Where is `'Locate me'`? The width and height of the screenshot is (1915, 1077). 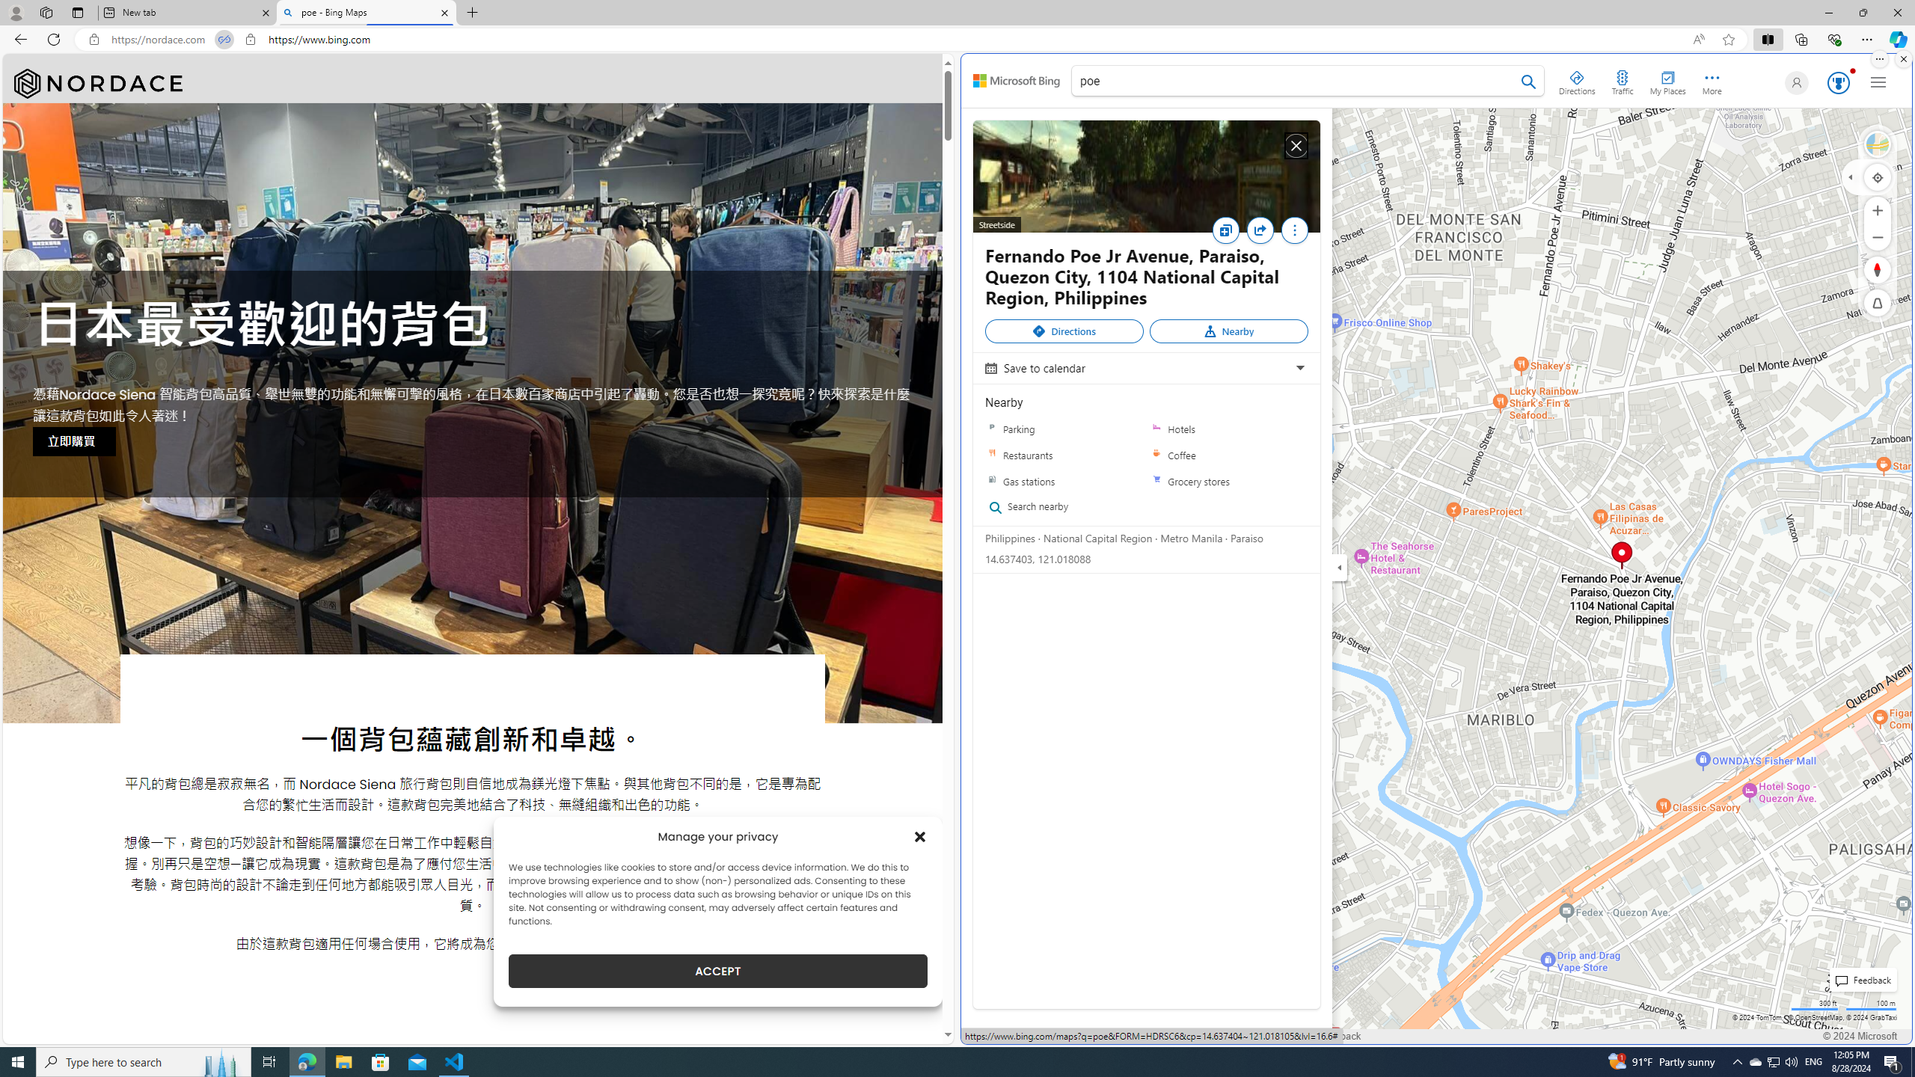 'Locate me' is located at coordinates (1878, 176).